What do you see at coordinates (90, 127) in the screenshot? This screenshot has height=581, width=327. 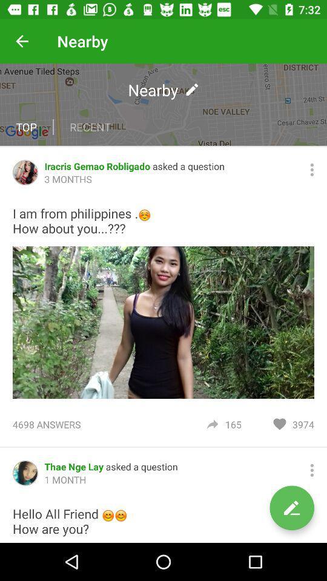 I see `recent item` at bounding box center [90, 127].